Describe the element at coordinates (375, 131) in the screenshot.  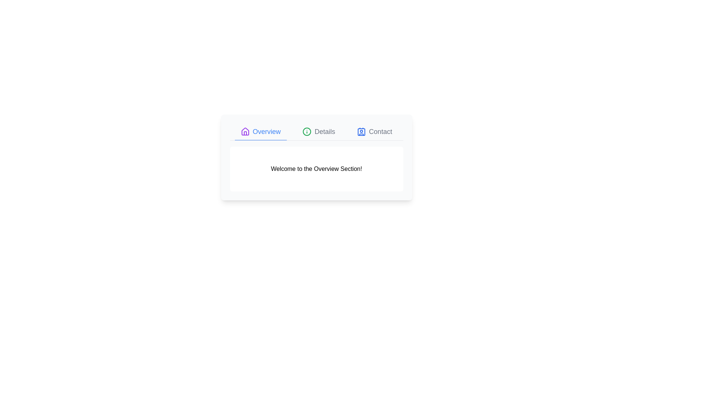
I see `the Contact tab to view its content` at that location.